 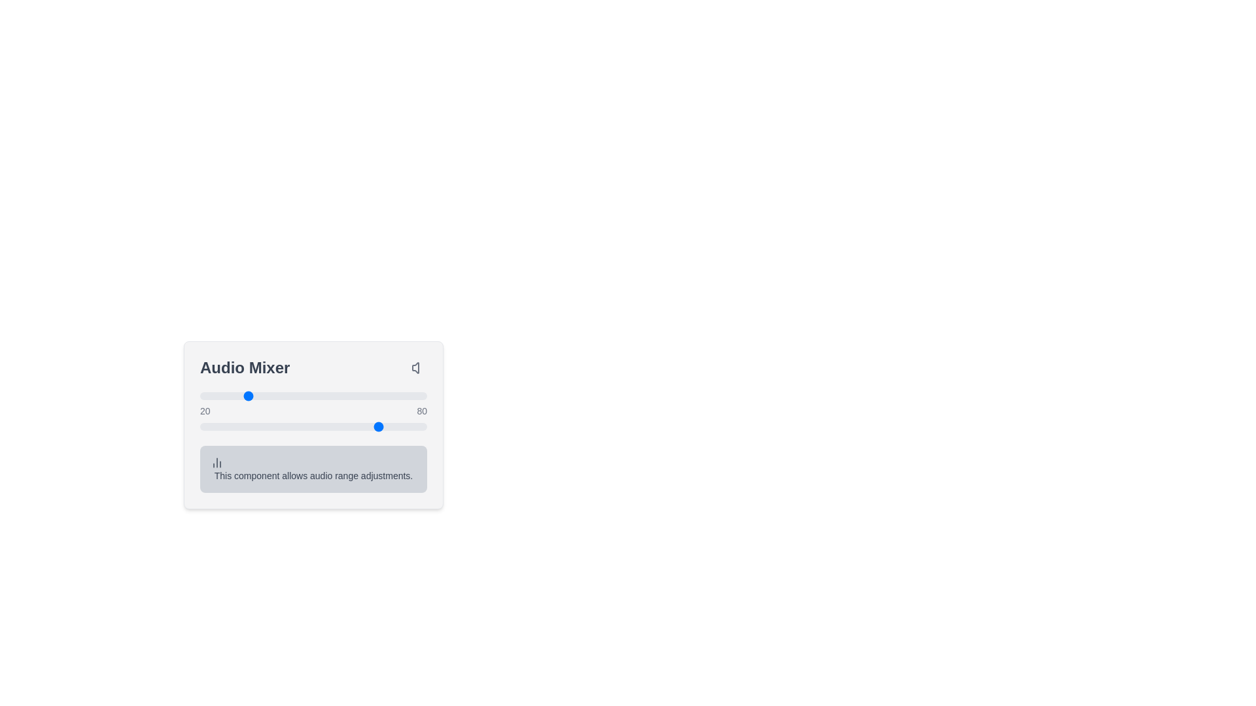 What do you see at coordinates (313, 412) in the screenshot?
I see `the numeric text label '2080' located in the 'Audio Mixer' section, which is styled in gray and positioned centrally below the top slider` at bounding box center [313, 412].